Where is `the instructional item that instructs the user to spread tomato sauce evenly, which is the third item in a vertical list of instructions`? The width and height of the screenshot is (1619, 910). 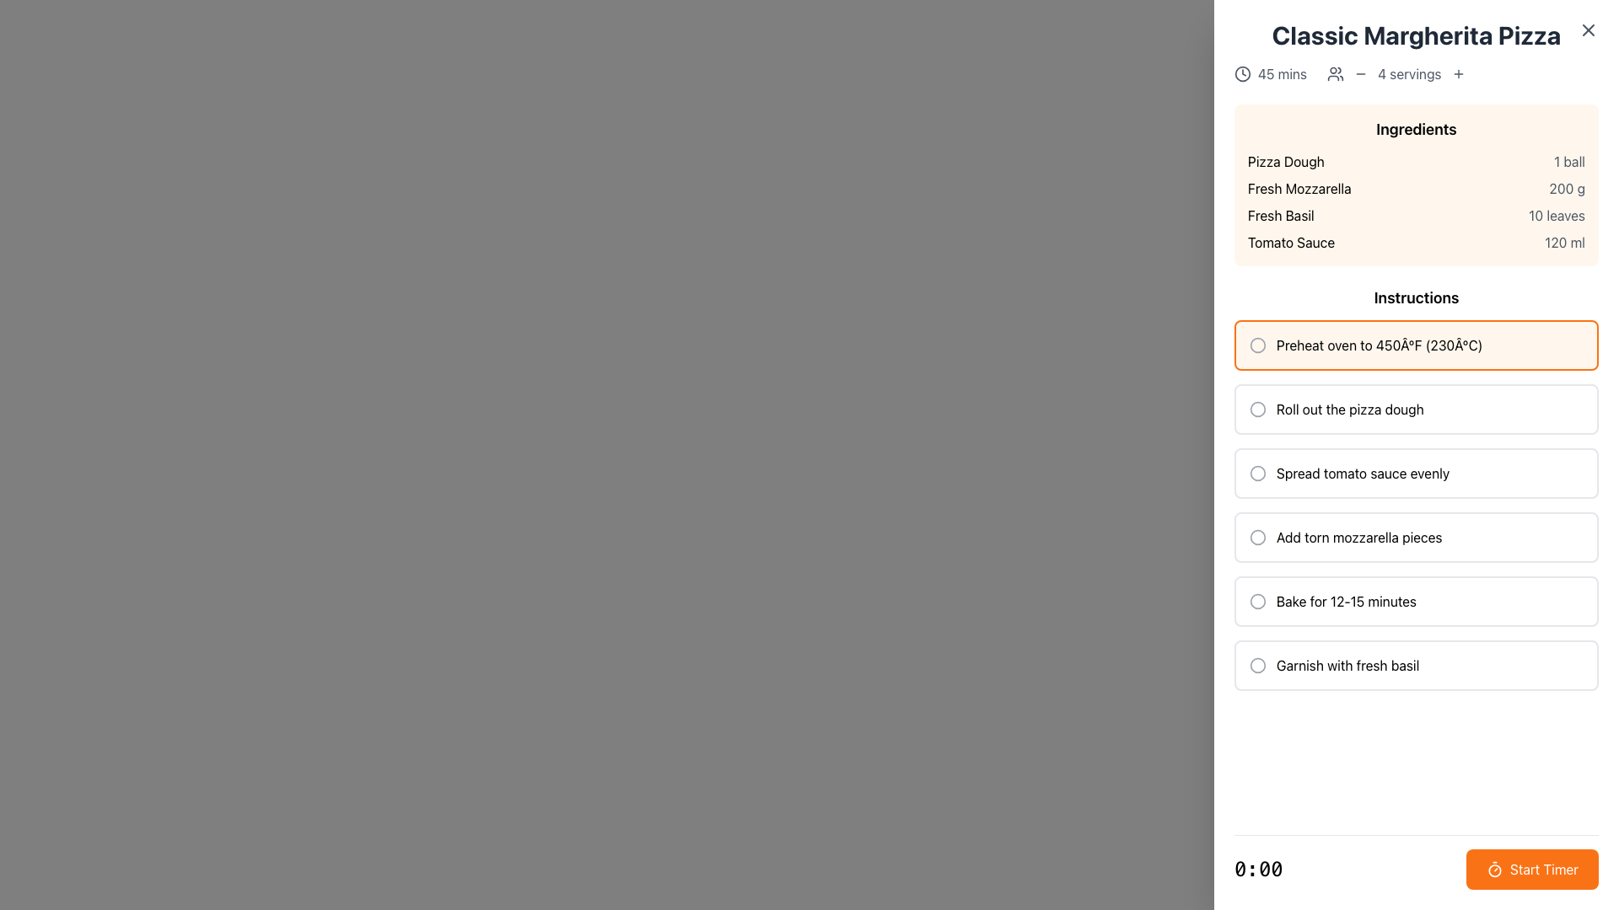 the instructional item that instructs the user to spread tomato sauce evenly, which is the third item in a vertical list of instructions is located at coordinates (1417, 474).